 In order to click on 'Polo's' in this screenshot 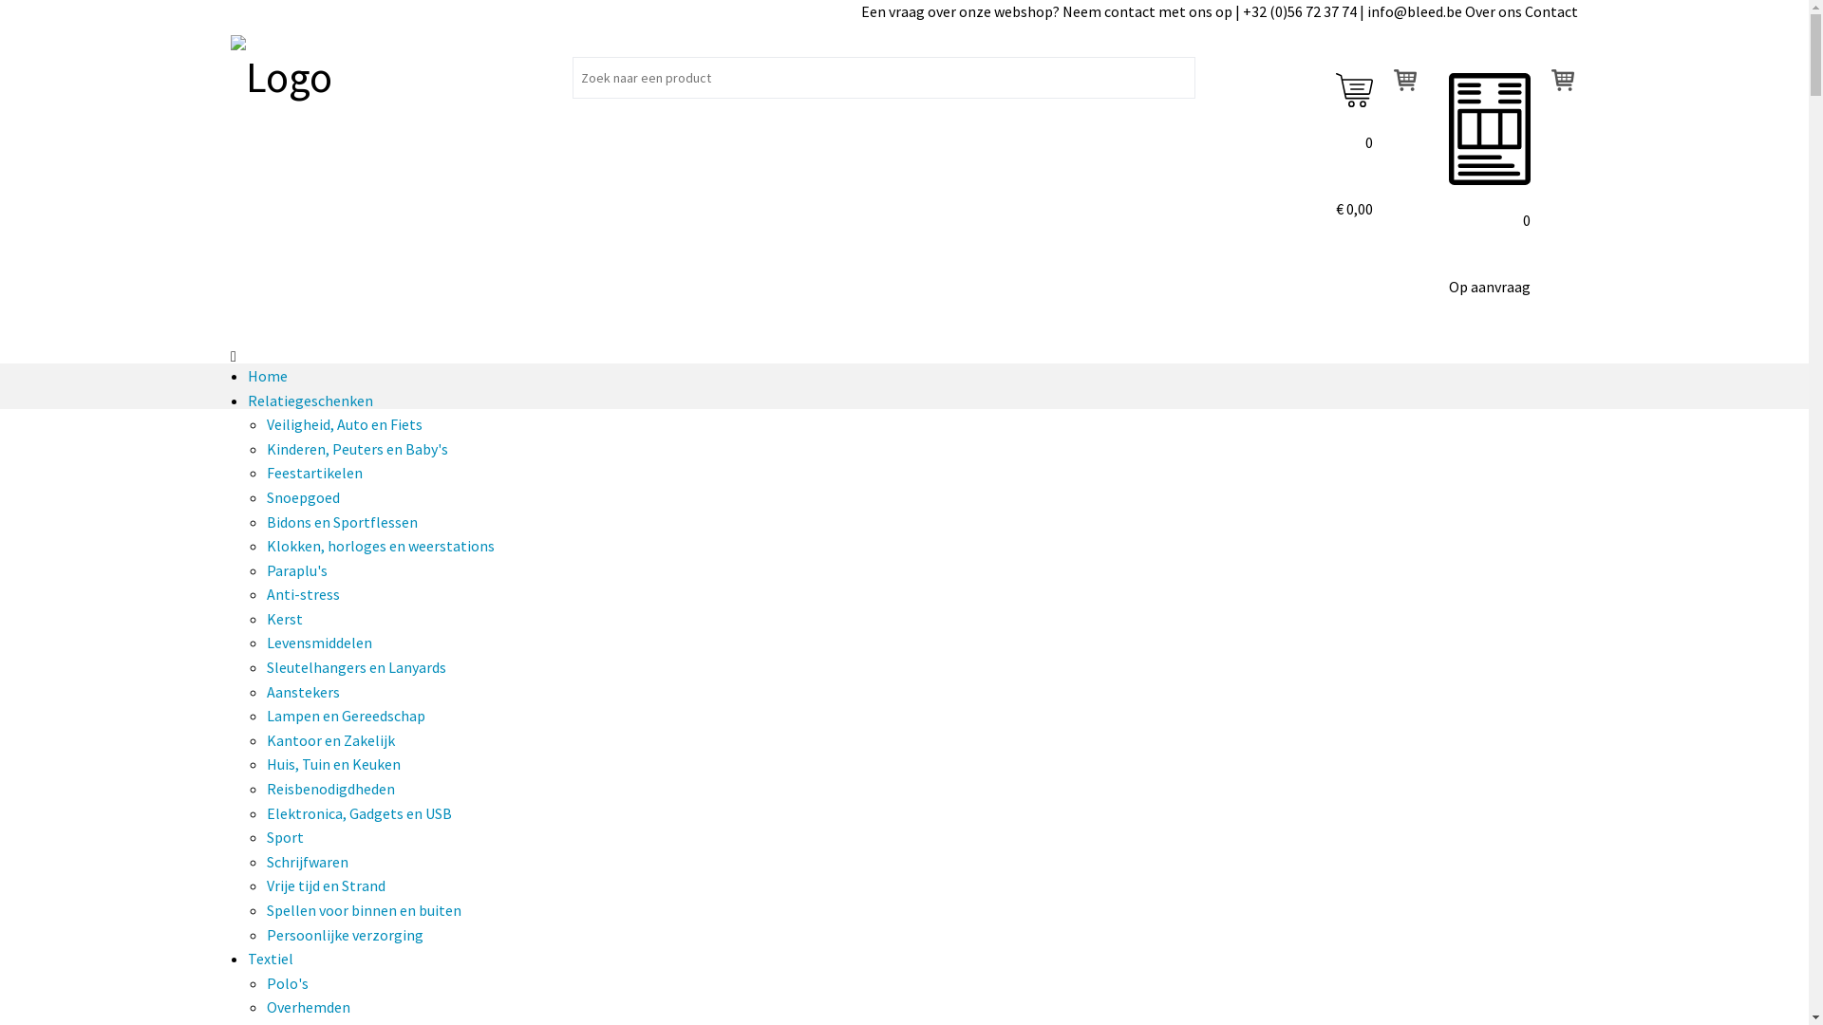, I will do `click(286, 982)`.